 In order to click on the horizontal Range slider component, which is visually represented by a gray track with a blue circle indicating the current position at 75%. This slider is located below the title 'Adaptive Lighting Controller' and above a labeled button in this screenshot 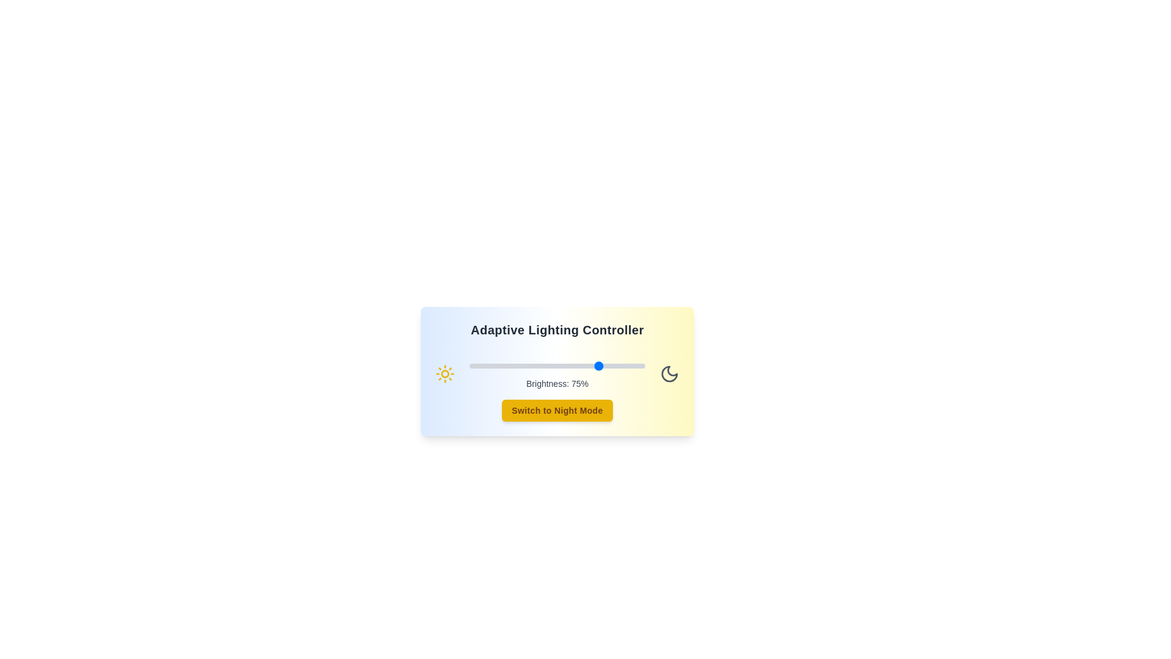, I will do `click(556, 366)`.